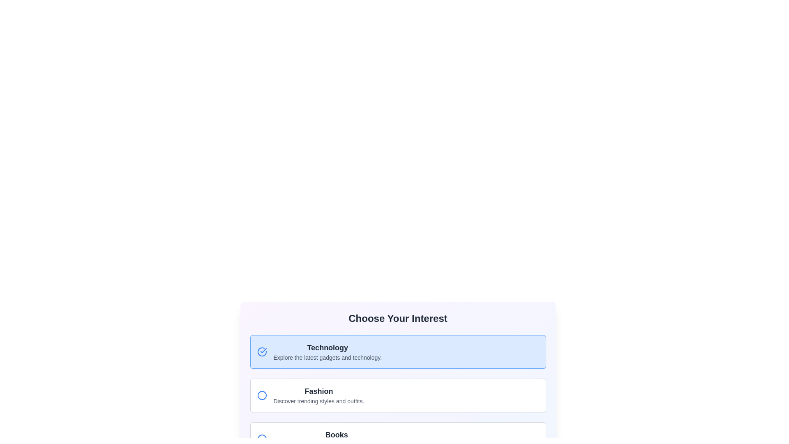 This screenshot has width=789, height=444. What do you see at coordinates (261, 351) in the screenshot?
I see `the selected state icon indicating that the 'Technology' option is highlighted, positioned to the left of the text 'Technology'` at bounding box center [261, 351].